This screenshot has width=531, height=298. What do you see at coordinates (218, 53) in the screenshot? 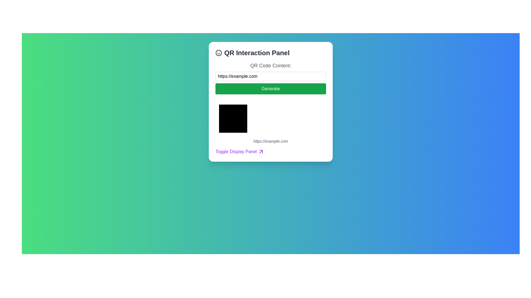
I see `the SVG circle element that forms the outer boundary of the smiley face icon in the 'QR Interaction Panel'` at bounding box center [218, 53].